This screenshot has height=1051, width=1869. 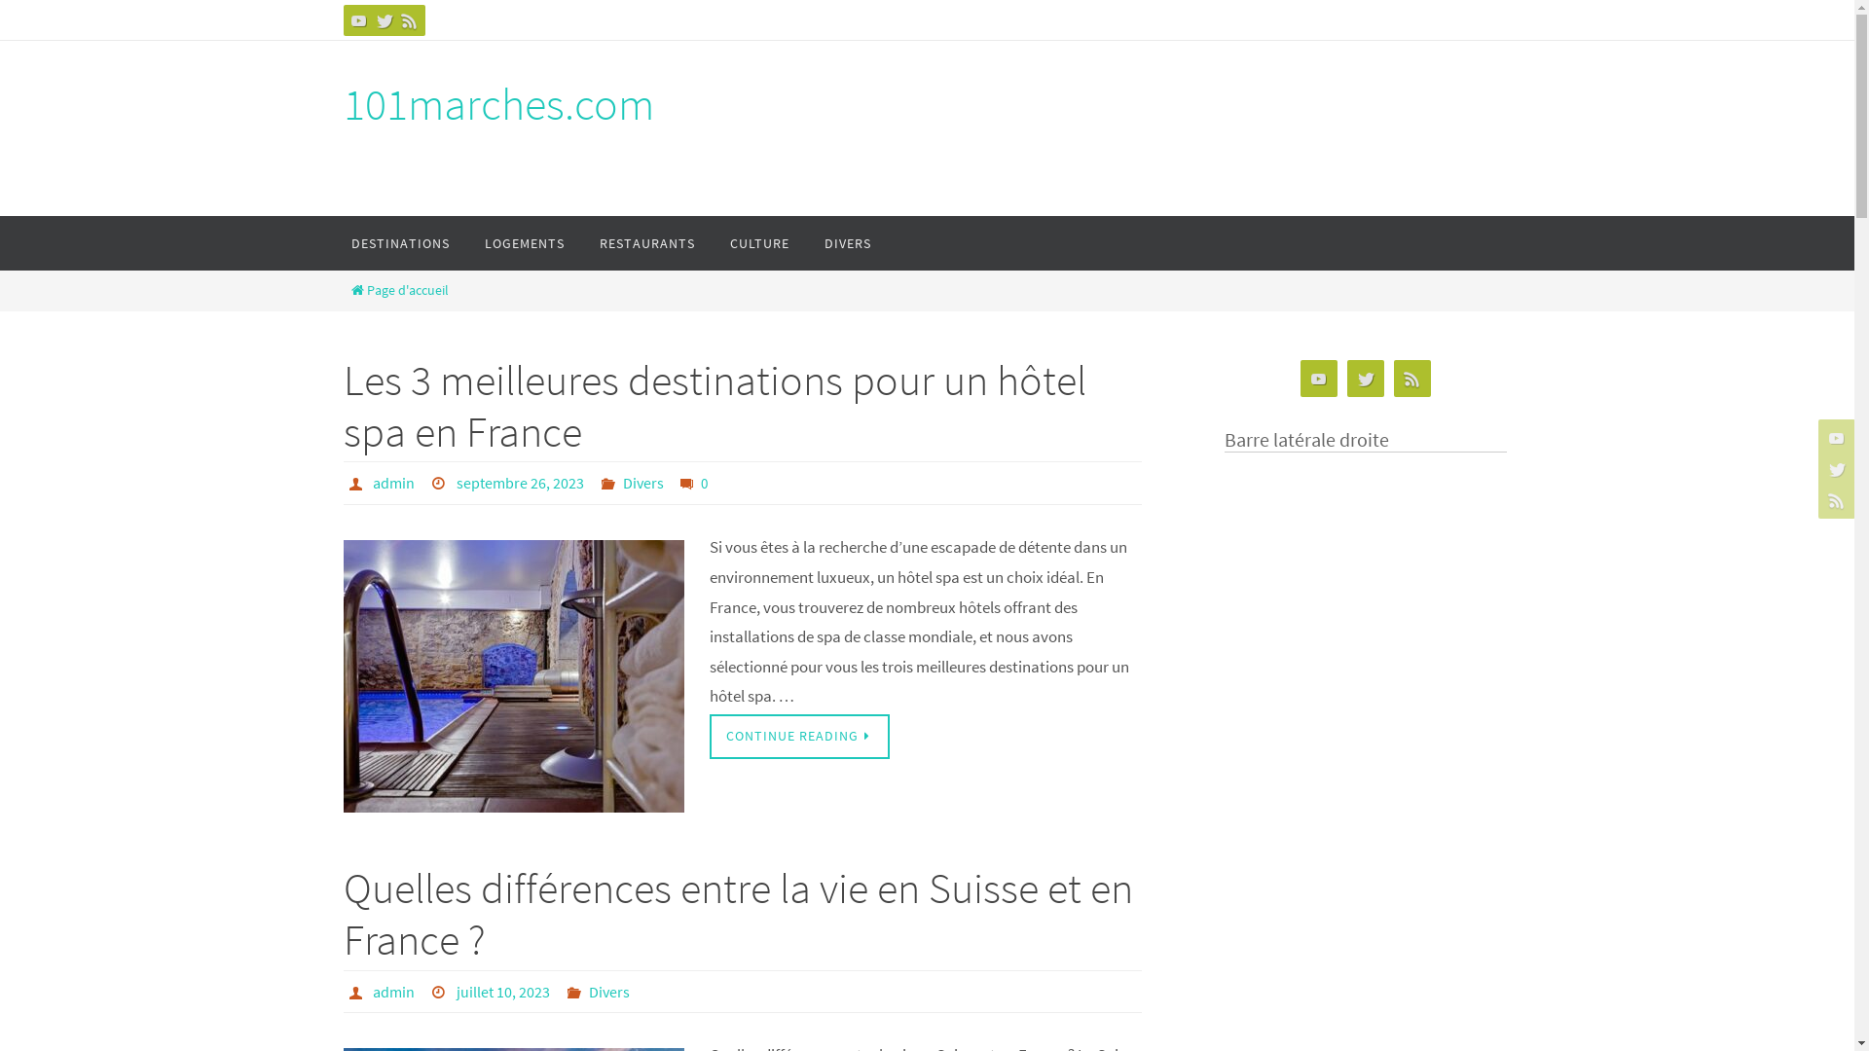 What do you see at coordinates (693, 482) in the screenshot?
I see `'0'` at bounding box center [693, 482].